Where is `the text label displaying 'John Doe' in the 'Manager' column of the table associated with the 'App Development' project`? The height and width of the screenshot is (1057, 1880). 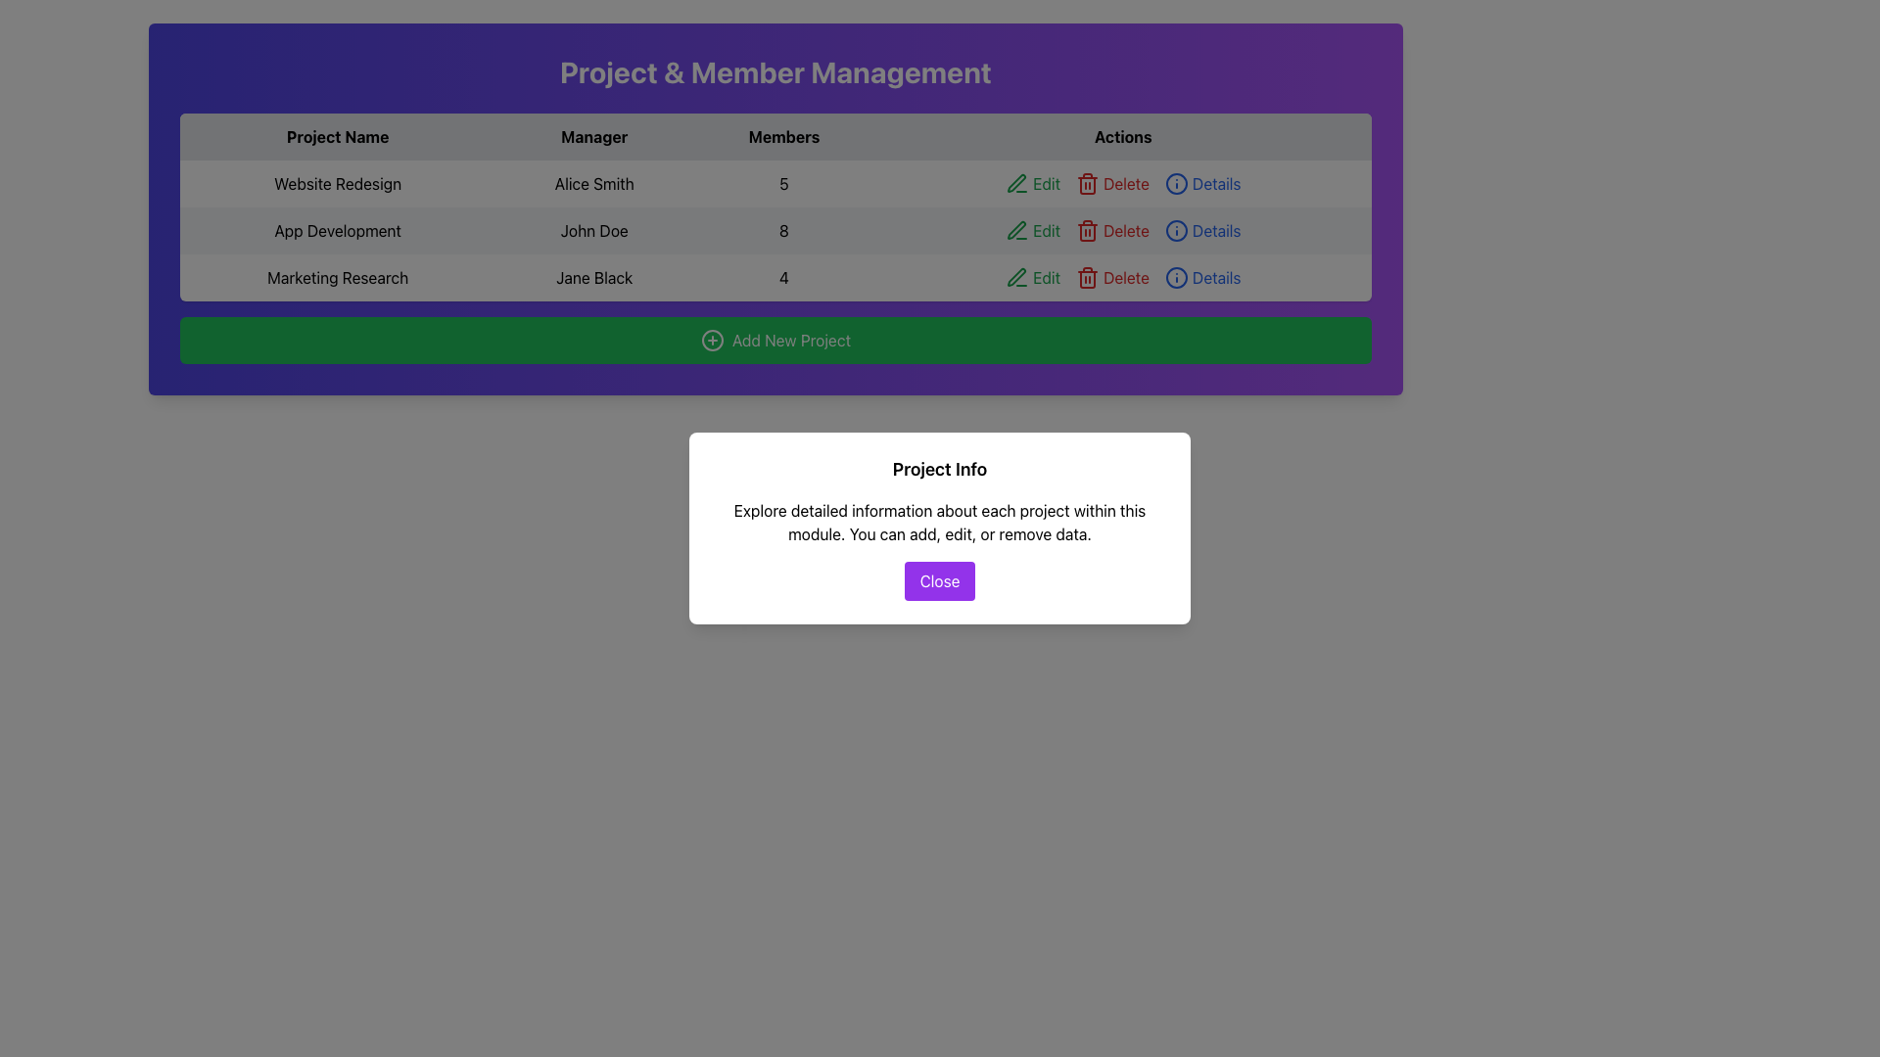
the text label displaying 'John Doe' in the 'Manager' column of the table associated with the 'App Development' project is located at coordinates (593, 229).